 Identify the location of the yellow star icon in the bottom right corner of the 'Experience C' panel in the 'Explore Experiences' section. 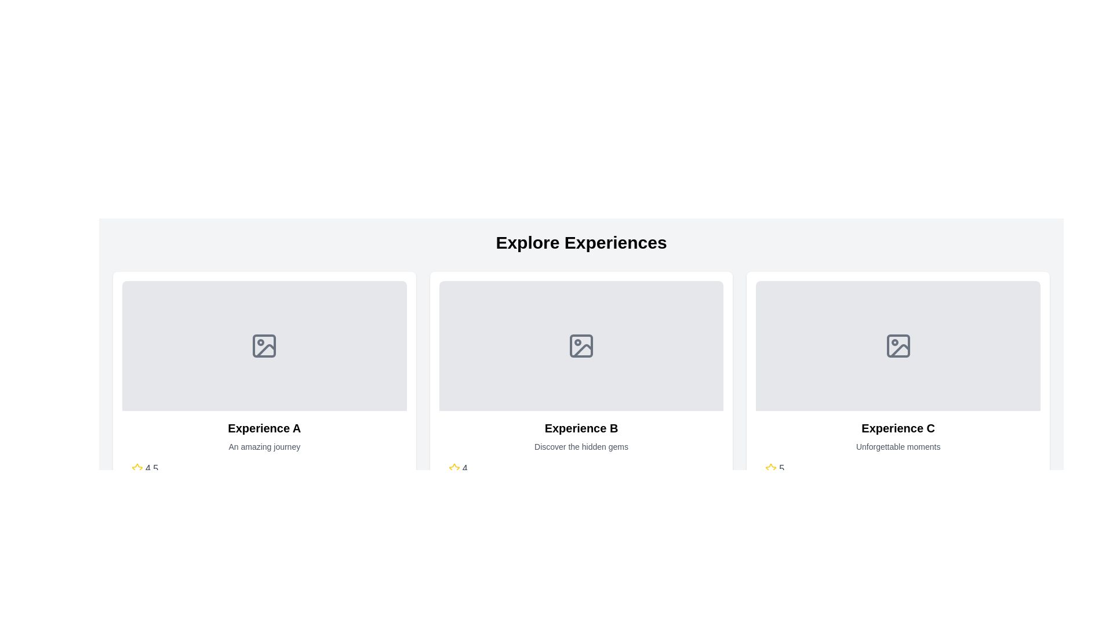
(771, 468).